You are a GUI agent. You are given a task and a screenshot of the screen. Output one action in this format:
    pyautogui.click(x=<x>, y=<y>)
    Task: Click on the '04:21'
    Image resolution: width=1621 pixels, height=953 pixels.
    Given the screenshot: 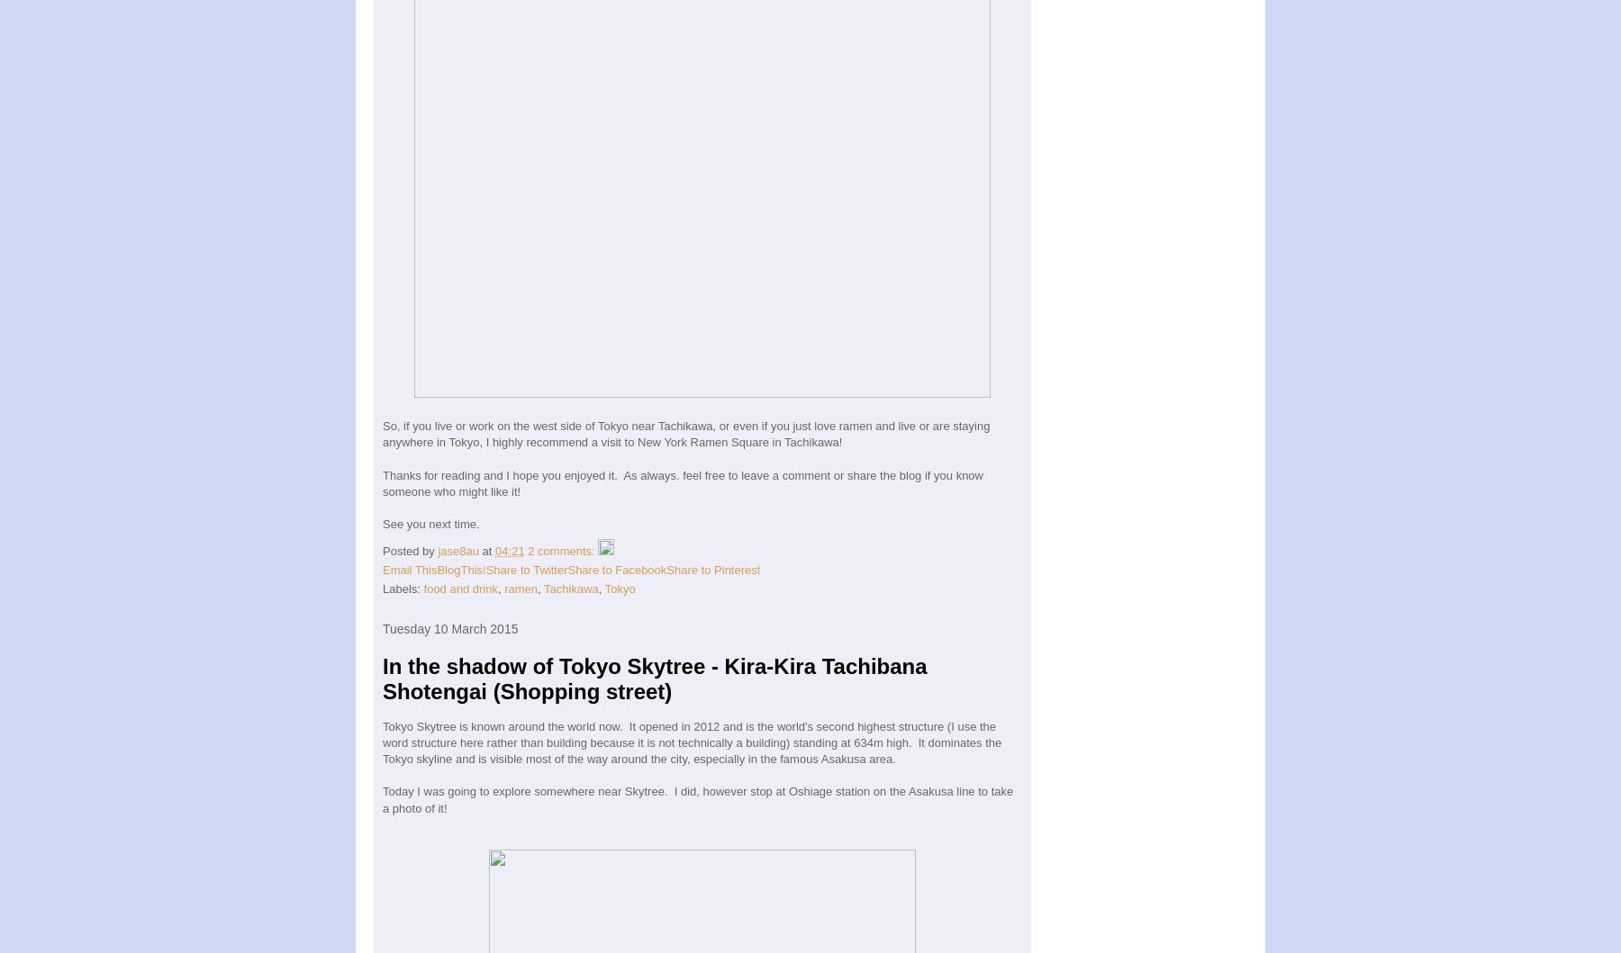 What is the action you would take?
    pyautogui.click(x=509, y=550)
    